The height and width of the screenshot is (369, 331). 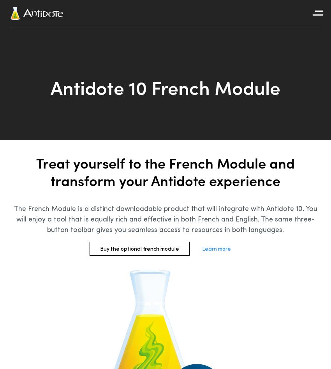 What do you see at coordinates (264, 35) in the screenshot?
I see `'Usage tips and examples'` at bounding box center [264, 35].